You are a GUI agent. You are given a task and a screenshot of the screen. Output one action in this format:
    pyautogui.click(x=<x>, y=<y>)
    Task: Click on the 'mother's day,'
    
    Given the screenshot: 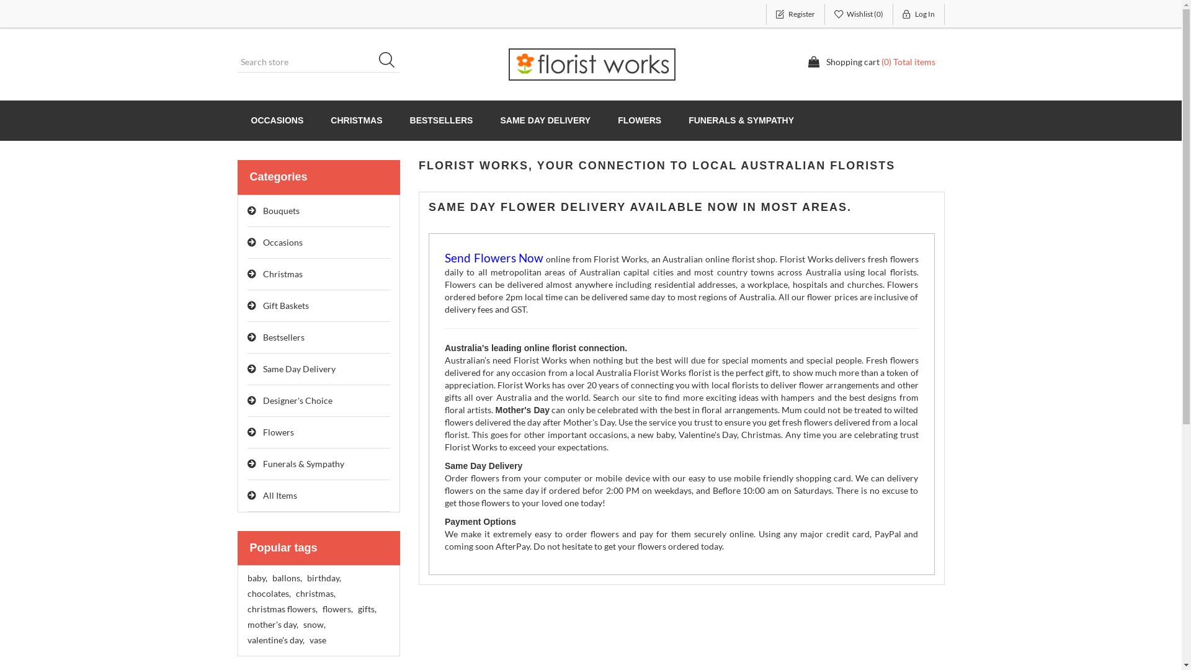 What is the action you would take?
    pyautogui.click(x=271, y=624)
    